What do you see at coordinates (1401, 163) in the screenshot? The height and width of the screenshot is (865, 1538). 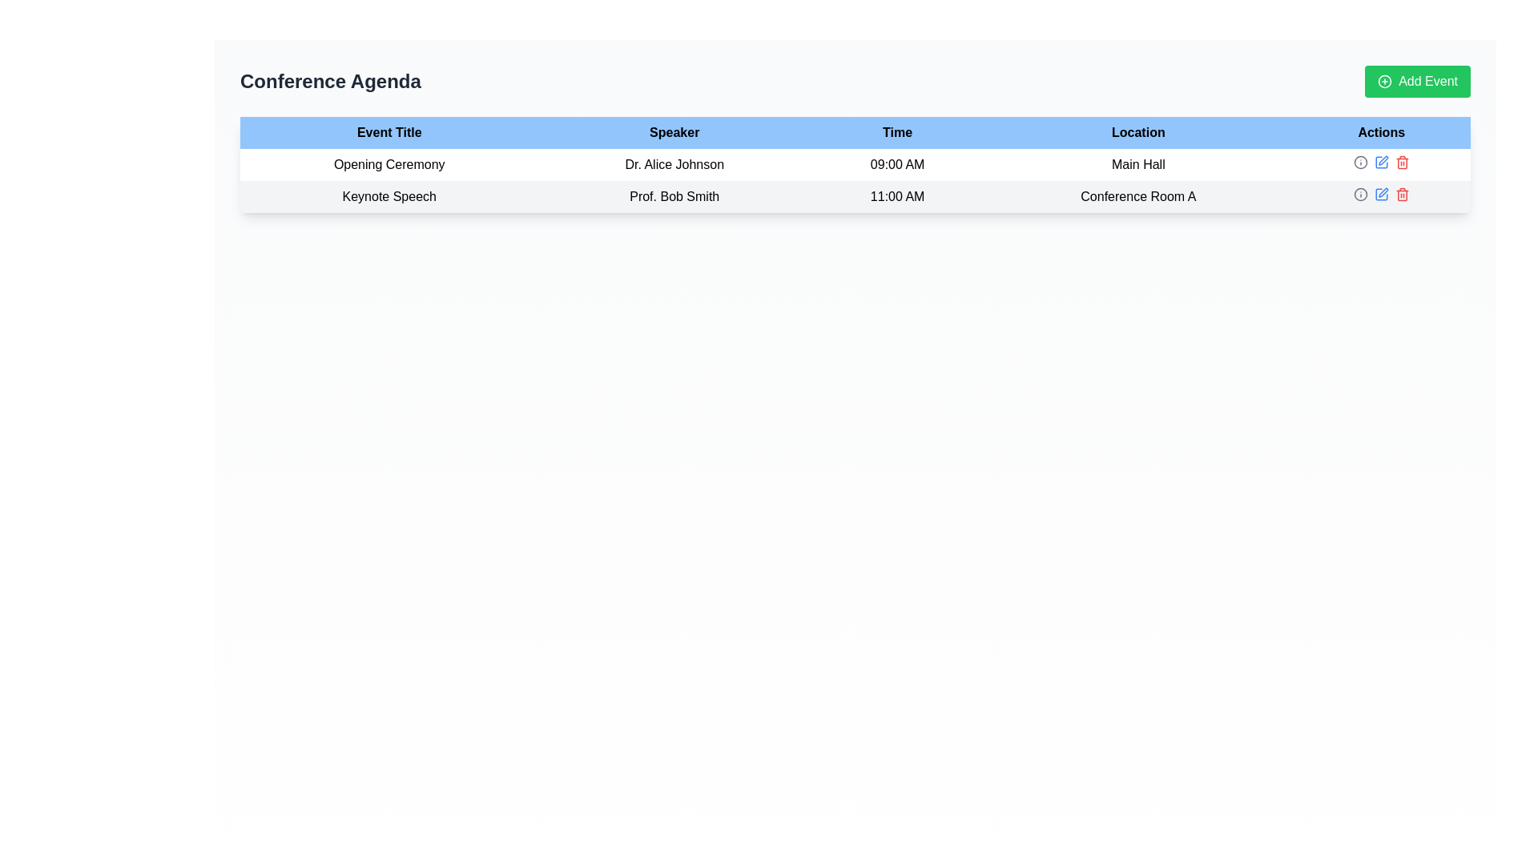 I see `the red trash can icon in the 'Actions' column` at bounding box center [1401, 163].